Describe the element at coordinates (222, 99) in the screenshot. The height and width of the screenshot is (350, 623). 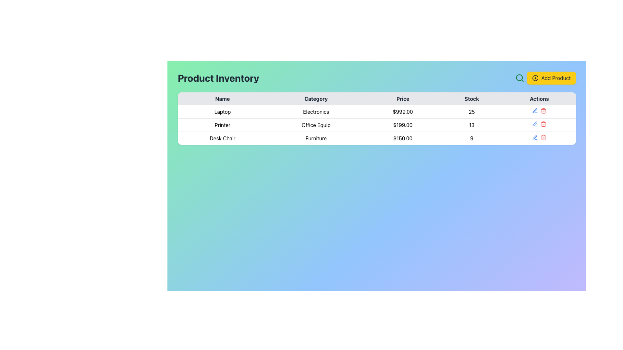
I see `text 'Name' displayed in the bold header cell of the first column in the table under 'Product Inventory'` at that location.